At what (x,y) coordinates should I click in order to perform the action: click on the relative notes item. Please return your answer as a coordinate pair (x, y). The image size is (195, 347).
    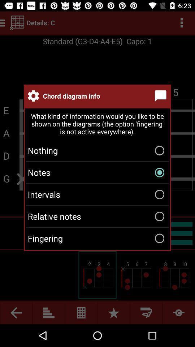
    Looking at the image, I should click on (97, 216).